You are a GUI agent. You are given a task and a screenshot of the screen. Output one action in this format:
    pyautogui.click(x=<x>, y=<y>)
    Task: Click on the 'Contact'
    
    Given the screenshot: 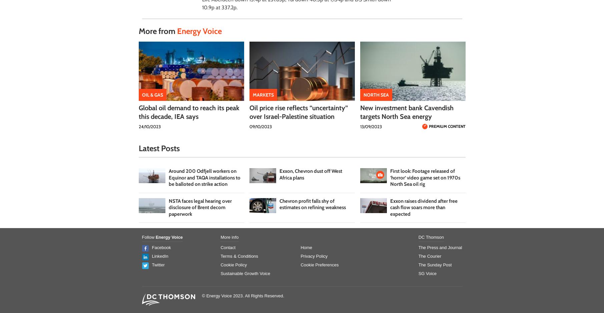 What is the action you would take?
    pyautogui.click(x=228, y=247)
    